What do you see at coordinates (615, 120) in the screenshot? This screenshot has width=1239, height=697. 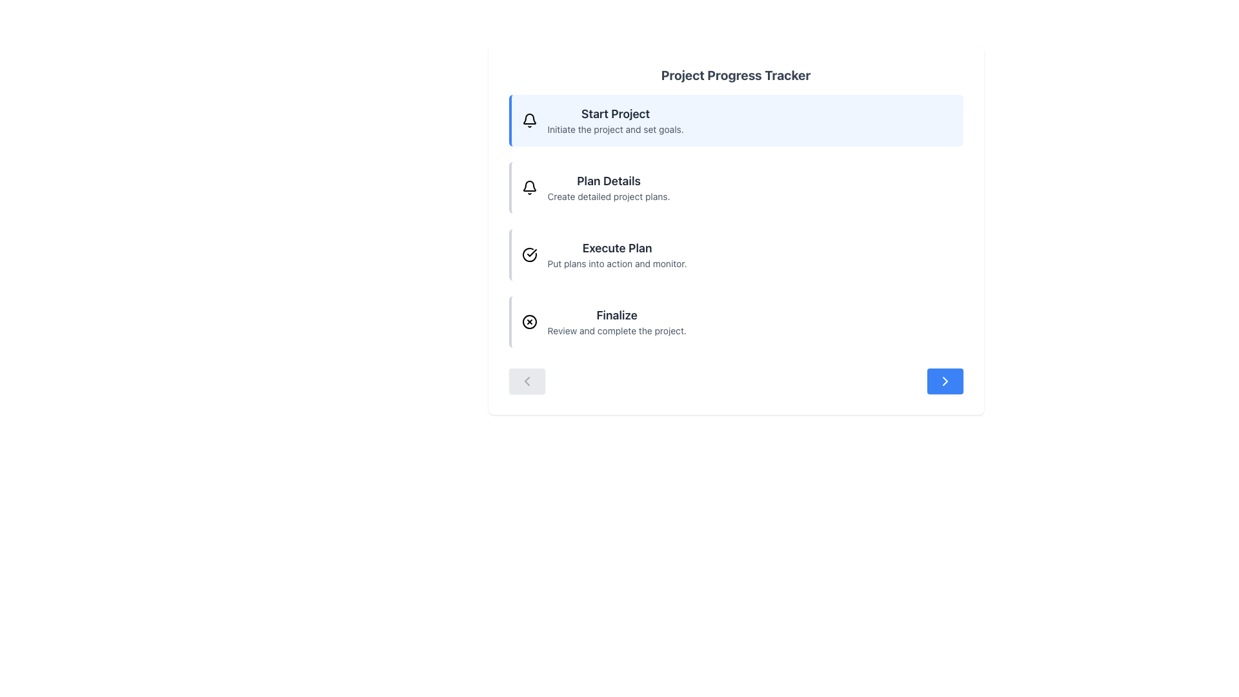 I see `the informational card titled 'Start Project' which contains the subtext 'Initiate the project and set goals.' This card is the first item in the 'Project Progress Tracker' list` at bounding box center [615, 120].